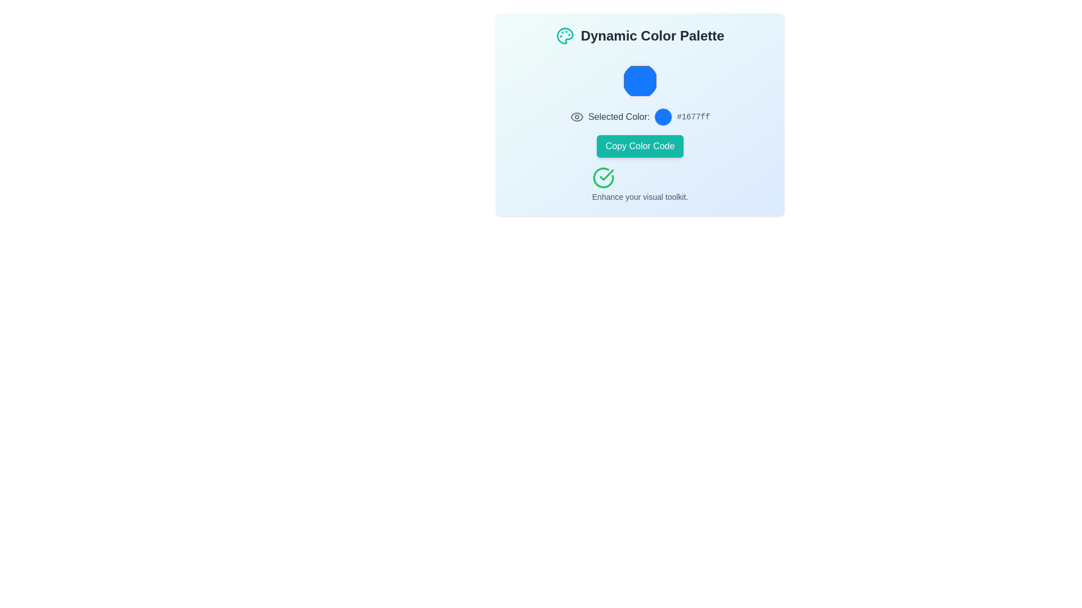 Image resolution: width=1082 pixels, height=608 pixels. I want to click on the informational display section that shows the text 'Selected Color:', the eye icon, and a circular color preview with the hexadecimal color code '#1677ff', so click(640, 117).